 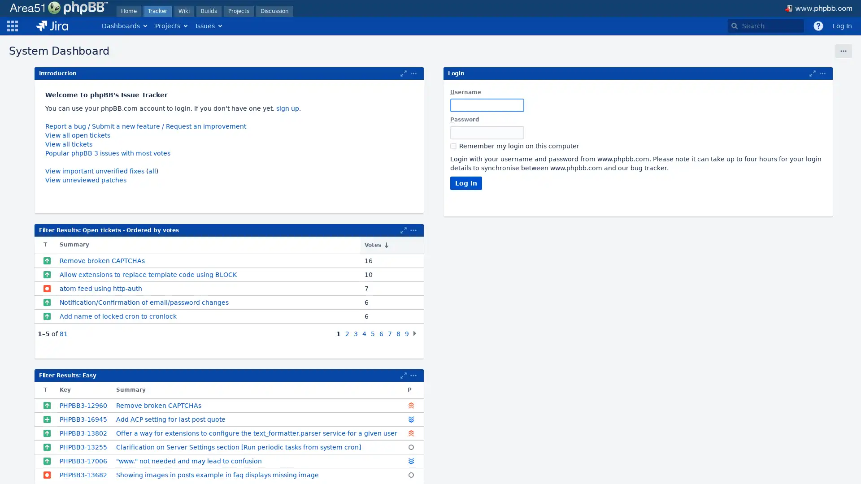 What do you see at coordinates (812, 73) in the screenshot?
I see `Maximize` at bounding box center [812, 73].